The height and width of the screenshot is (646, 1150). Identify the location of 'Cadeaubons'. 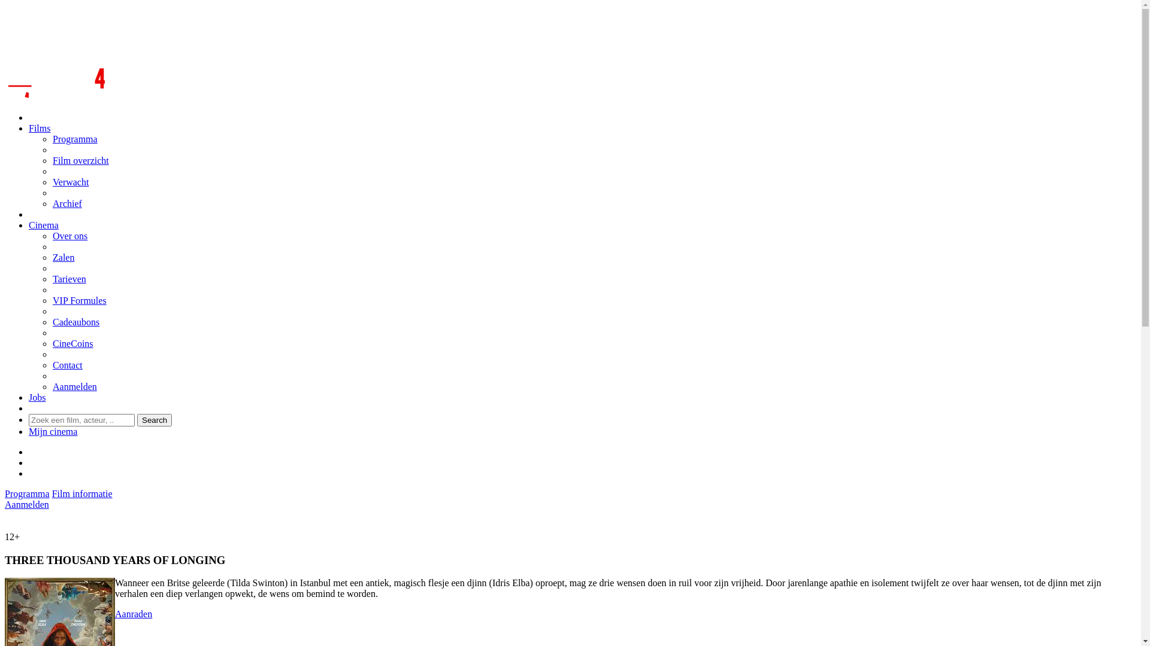
(75, 321).